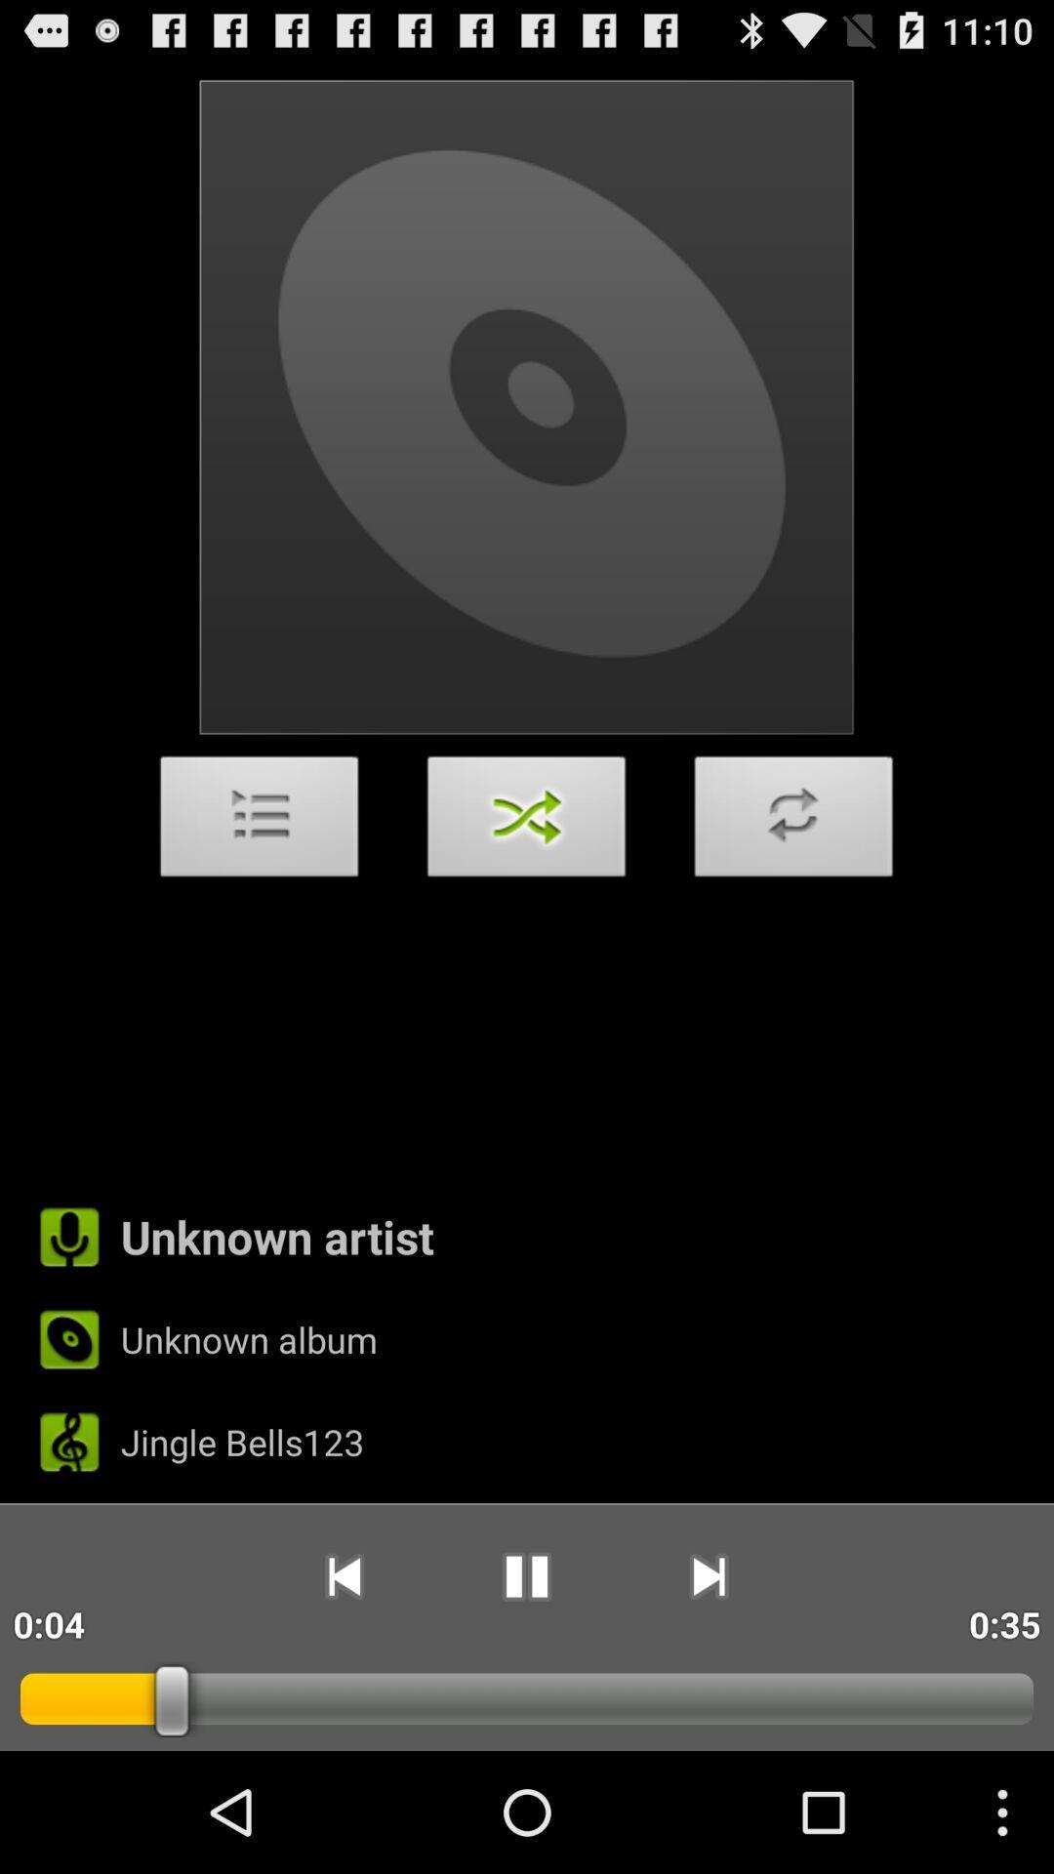 This screenshot has height=1874, width=1054. Describe the element at coordinates (343, 1686) in the screenshot. I see `the skip_previous icon` at that location.